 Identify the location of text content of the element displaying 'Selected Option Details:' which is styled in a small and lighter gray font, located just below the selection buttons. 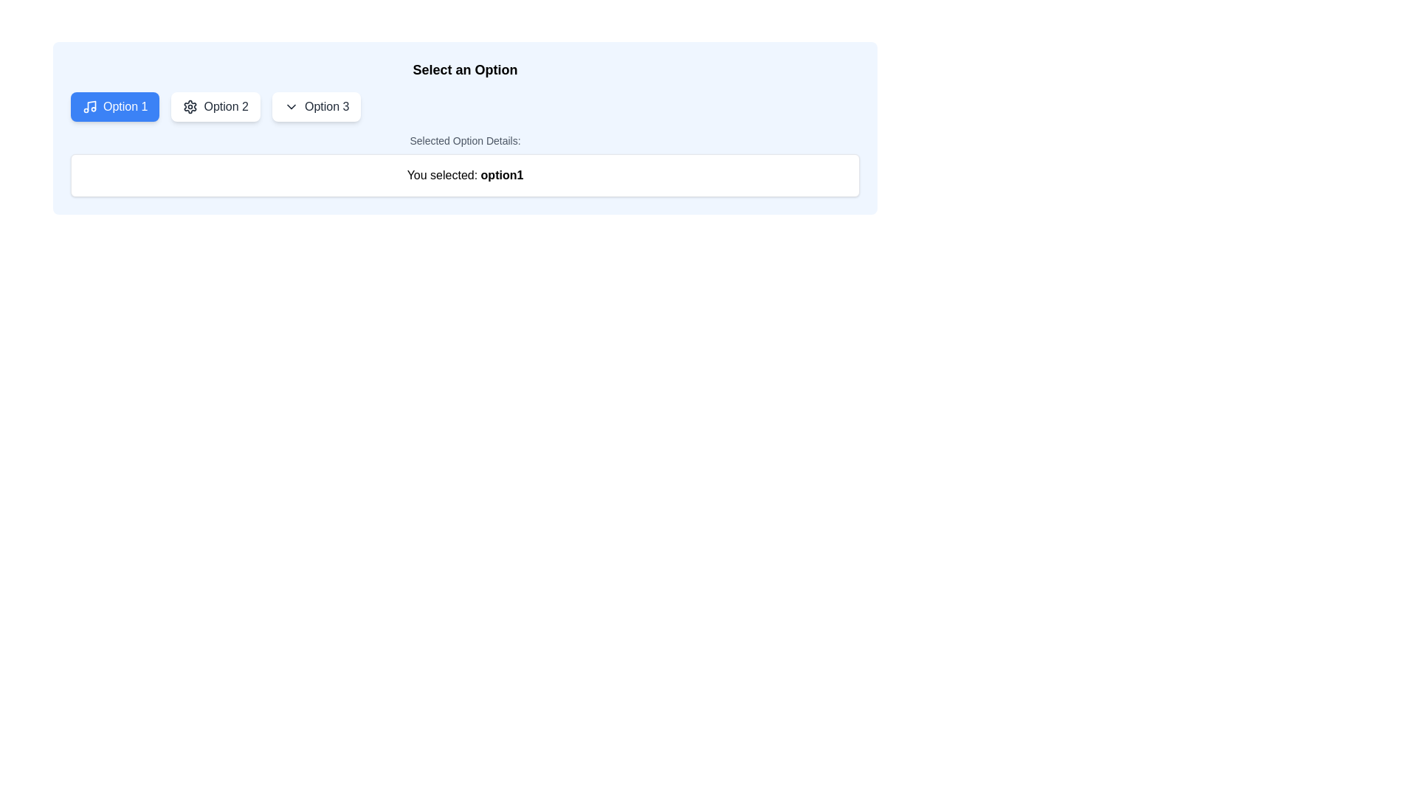
(464, 141).